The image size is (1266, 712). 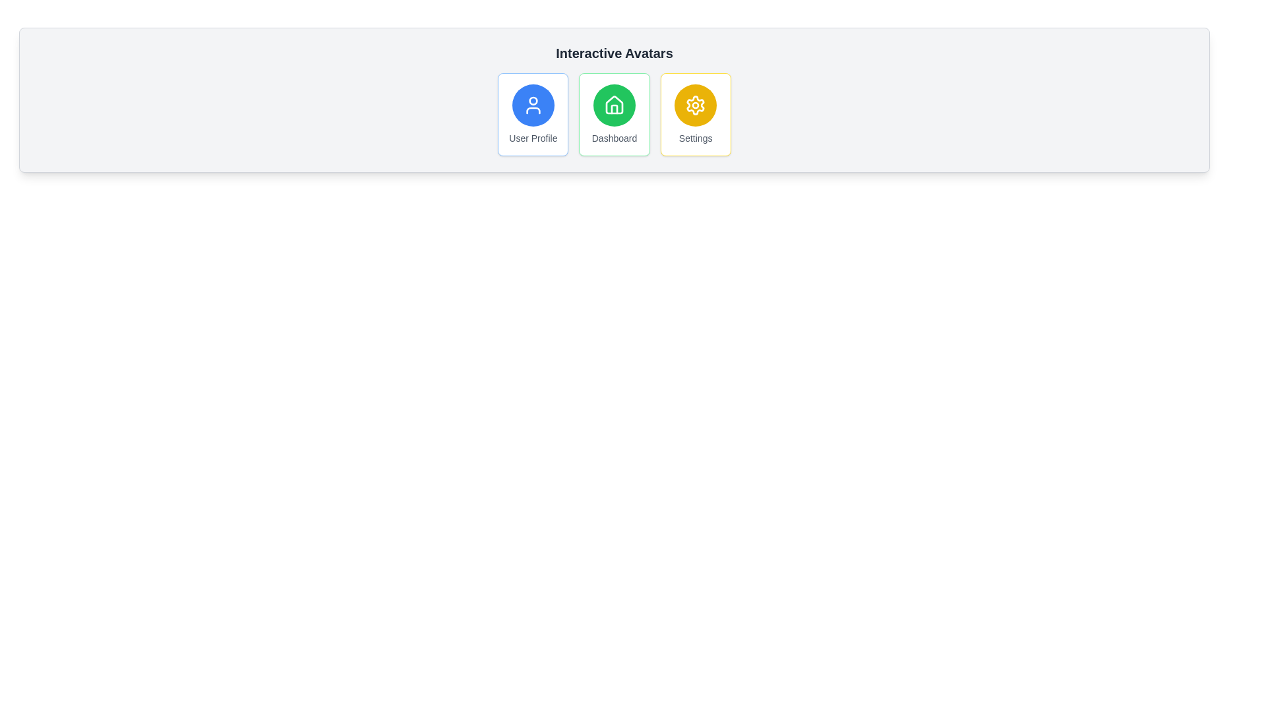 I want to click on the green house icon representing the Dashboard for visual feedback, so click(x=613, y=104).